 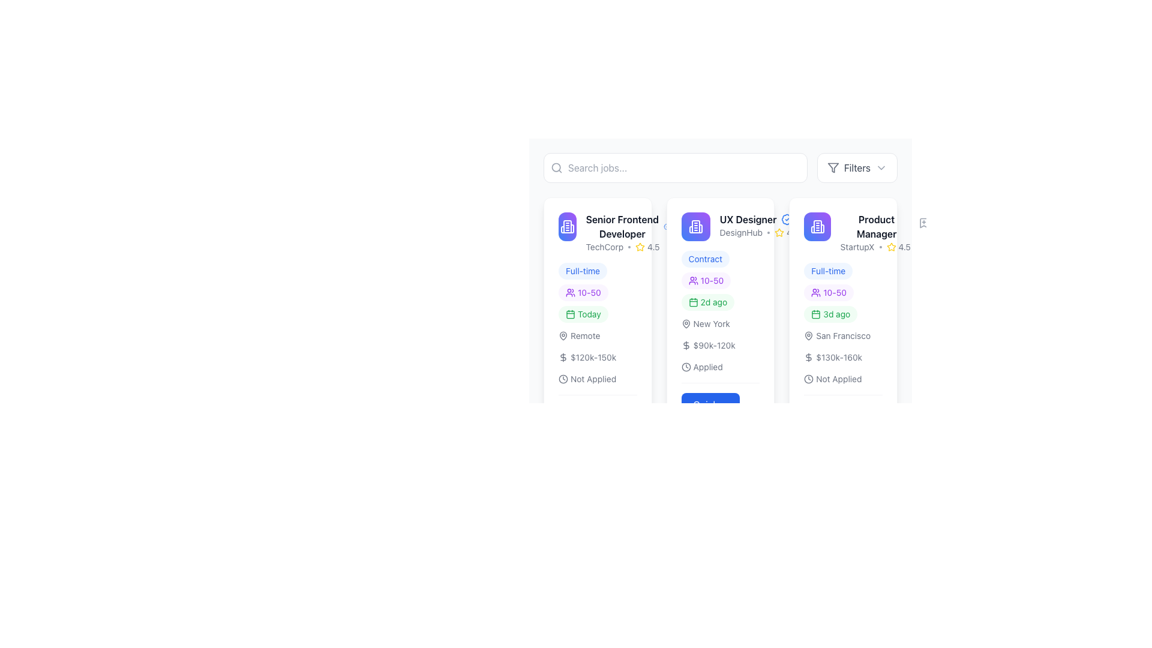 I want to click on the bookmark icon button with a plus symbol to bookmark this job, located in the top-right corner of the job information card, so click(x=809, y=223).